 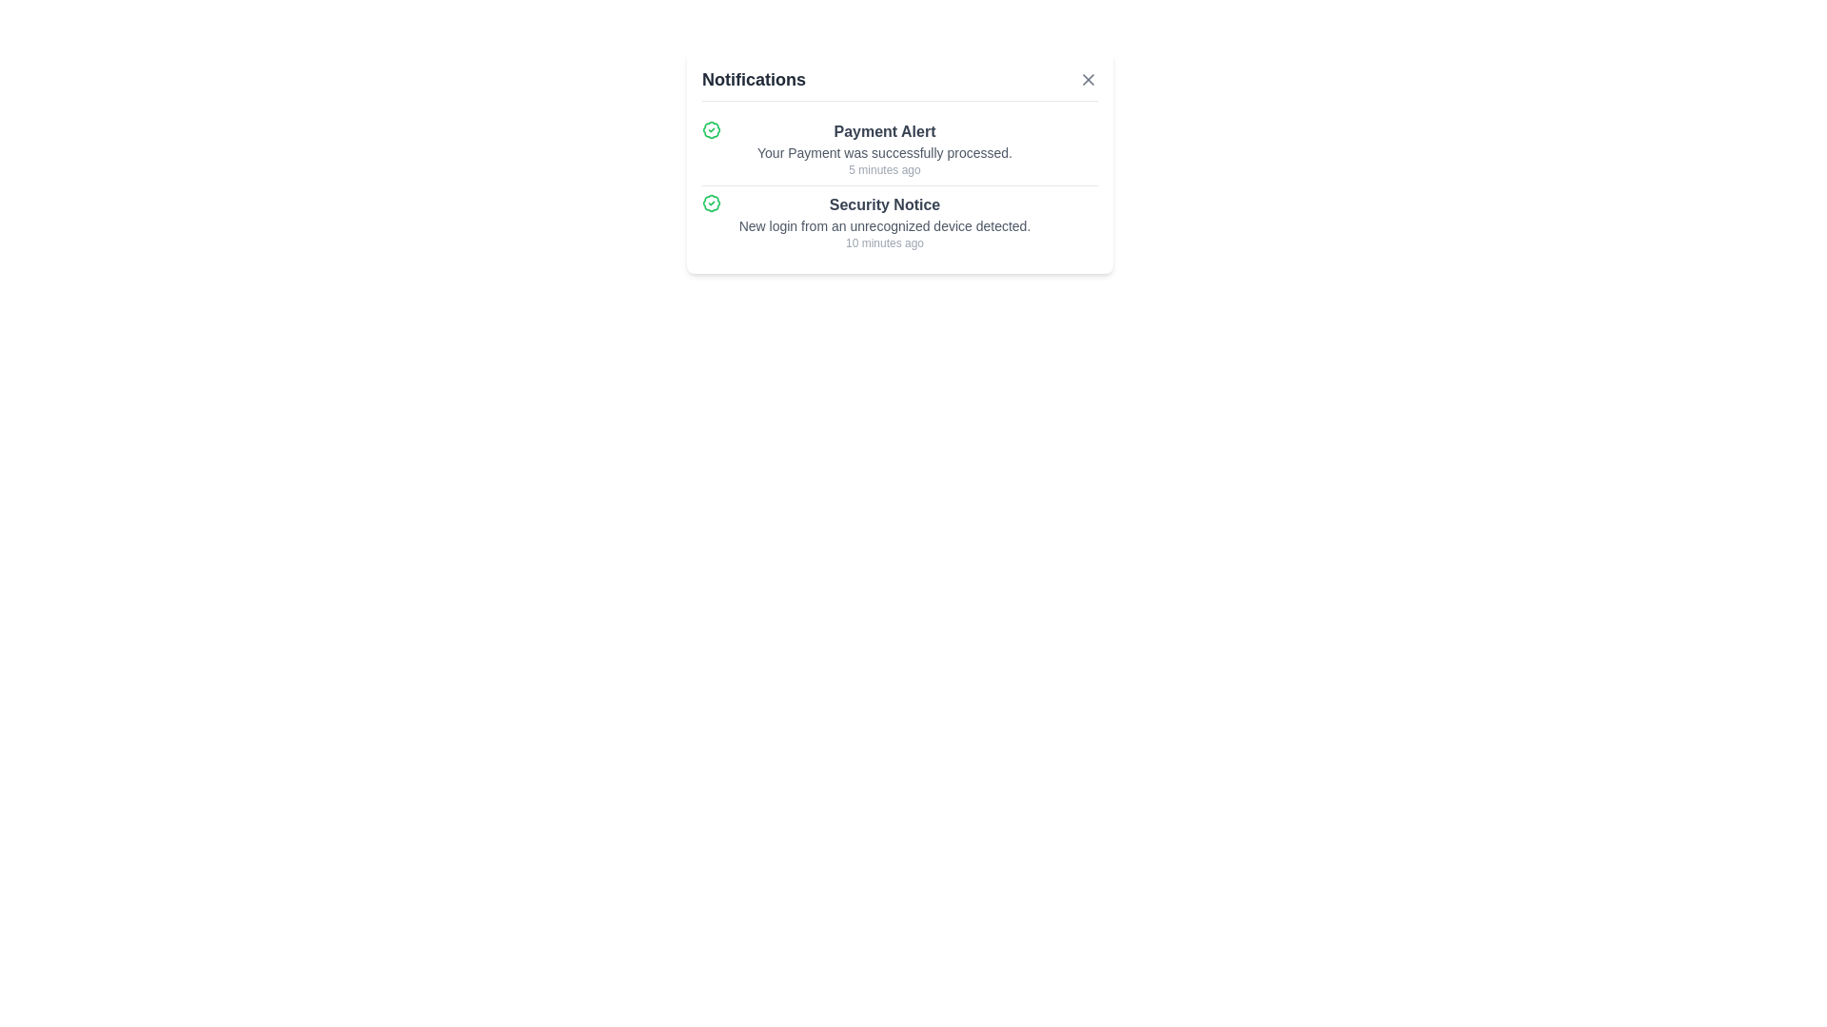 What do you see at coordinates (884, 148) in the screenshot?
I see `the 'Payment Alert' text block in the notification panel, which contains three lines of text with the first line being bold and dark gray` at bounding box center [884, 148].